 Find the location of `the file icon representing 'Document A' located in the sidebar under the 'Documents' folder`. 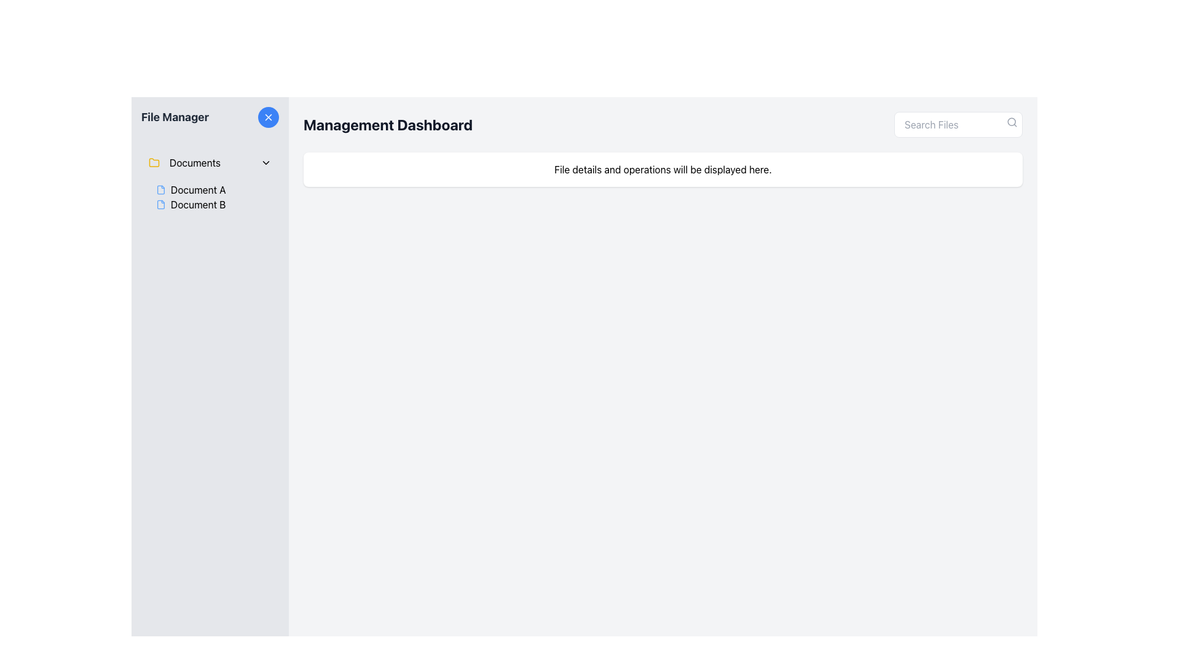

the file icon representing 'Document A' located in the sidebar under the 'Documents' folder is located at coordinates (160, 189).